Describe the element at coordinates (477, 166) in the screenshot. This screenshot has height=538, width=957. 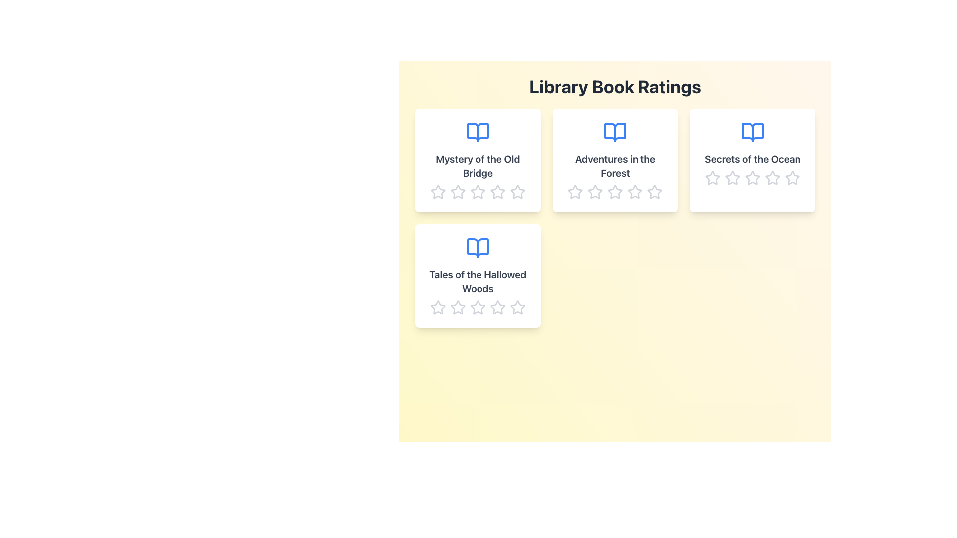
I see `heading text labeled 'Mystery of the Old Bridge' located in the top-left card of the book grid, which is styled in bold dark gray font` at that location.